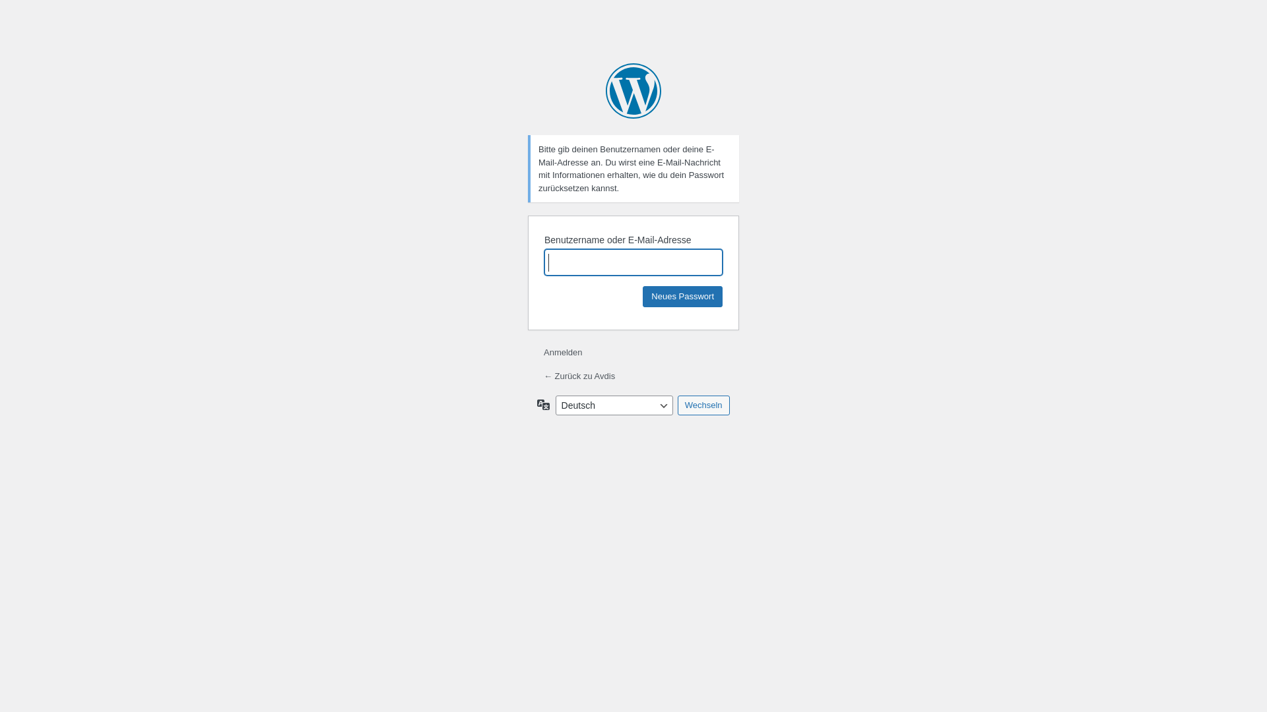 Image resolution: width=1267 pixels, height=712 pixels. Describe the element at coordinates (703, 404) in the screenshot. I see `'Wechseln'` at that location.